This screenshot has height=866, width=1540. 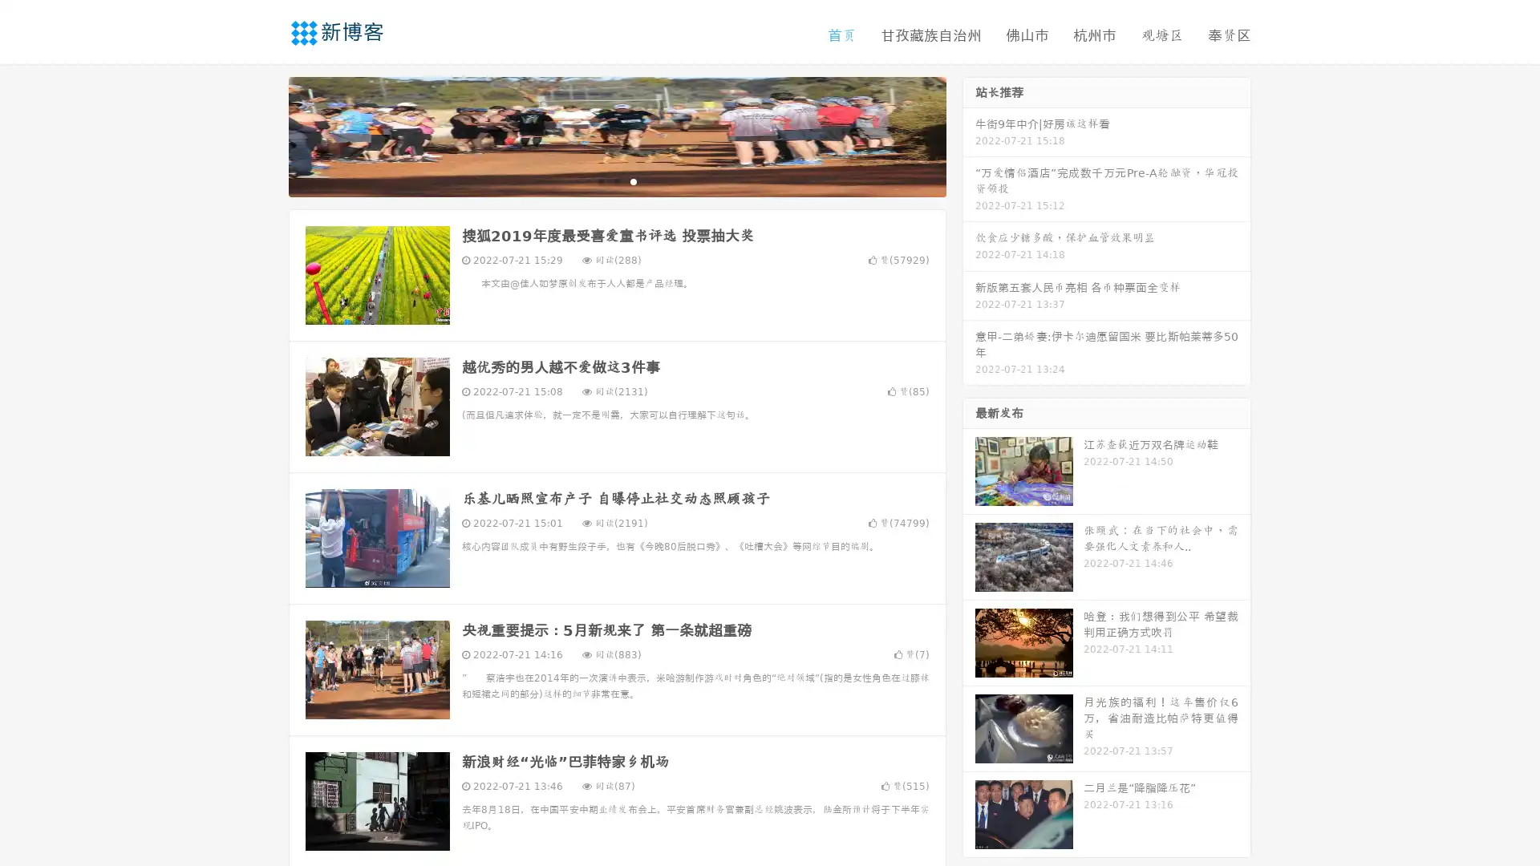 What do you see at coordinates (265, 135) in the screenshot?
I see `Previous slide` at bounding box center [265, 135].